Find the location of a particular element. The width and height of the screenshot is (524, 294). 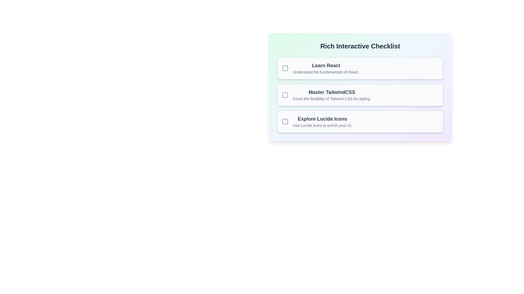

the informational Text element titled 'Master TailwindCSS' which provides details about Tailwind CSS, positioned in the center of the checklist is located at coordinates (332, 94).